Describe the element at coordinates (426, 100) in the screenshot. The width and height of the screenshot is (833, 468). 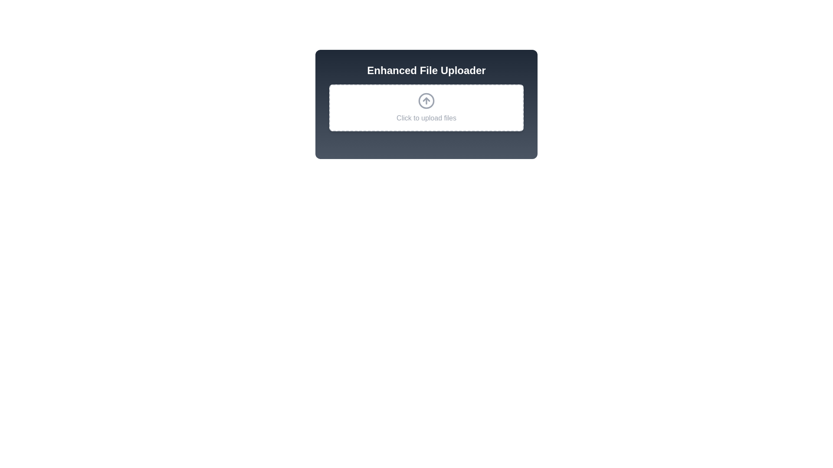
I see `the graphical enhancement element located centrally within the upload section of the page interface` at that location.